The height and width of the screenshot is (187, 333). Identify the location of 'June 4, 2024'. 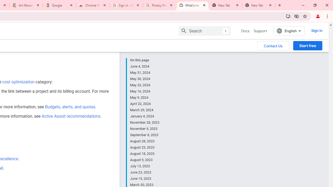
(145, 66).